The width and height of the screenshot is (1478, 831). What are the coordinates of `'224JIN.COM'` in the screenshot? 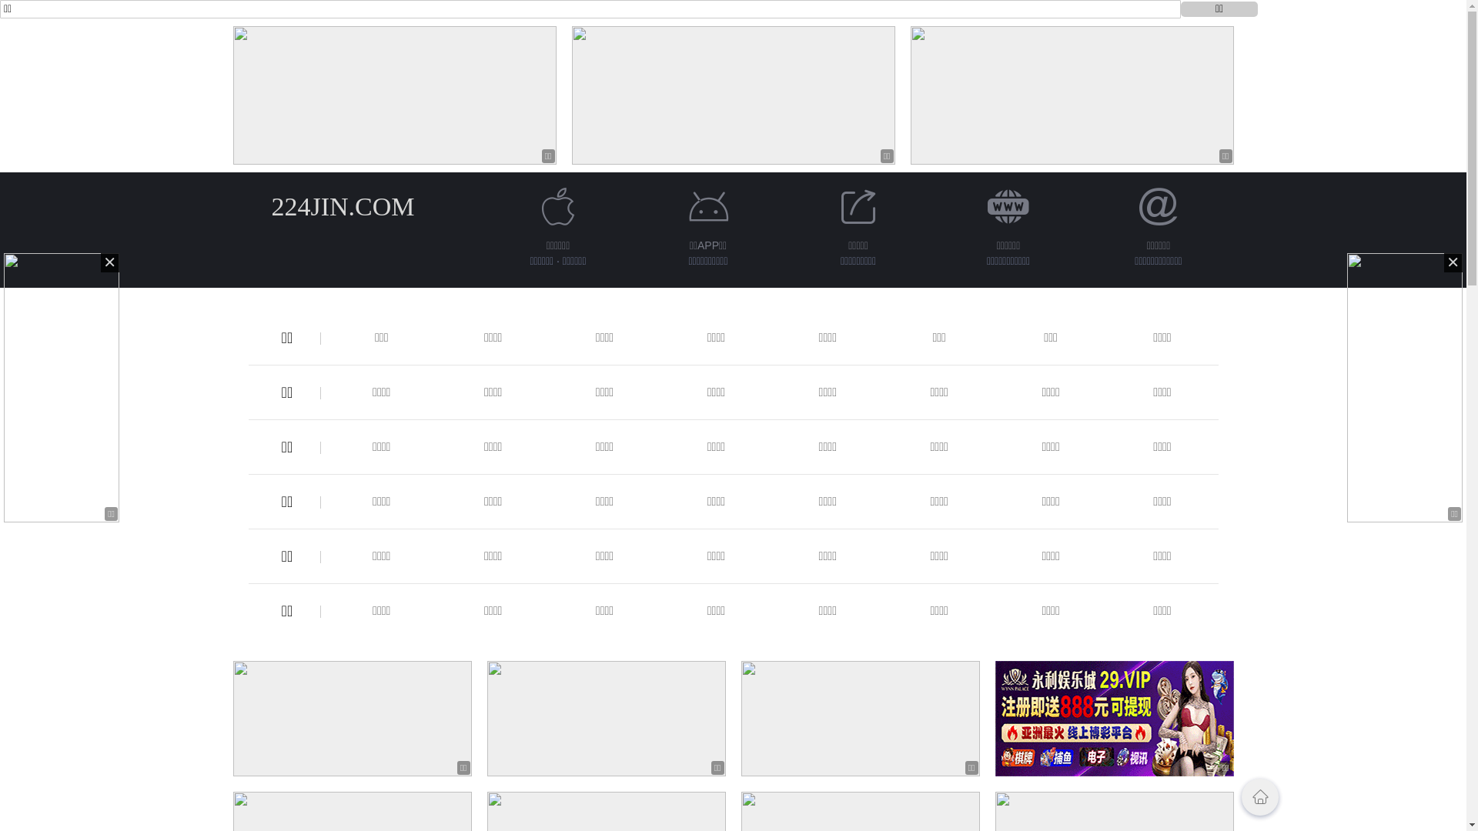 It's located at (342, 205).